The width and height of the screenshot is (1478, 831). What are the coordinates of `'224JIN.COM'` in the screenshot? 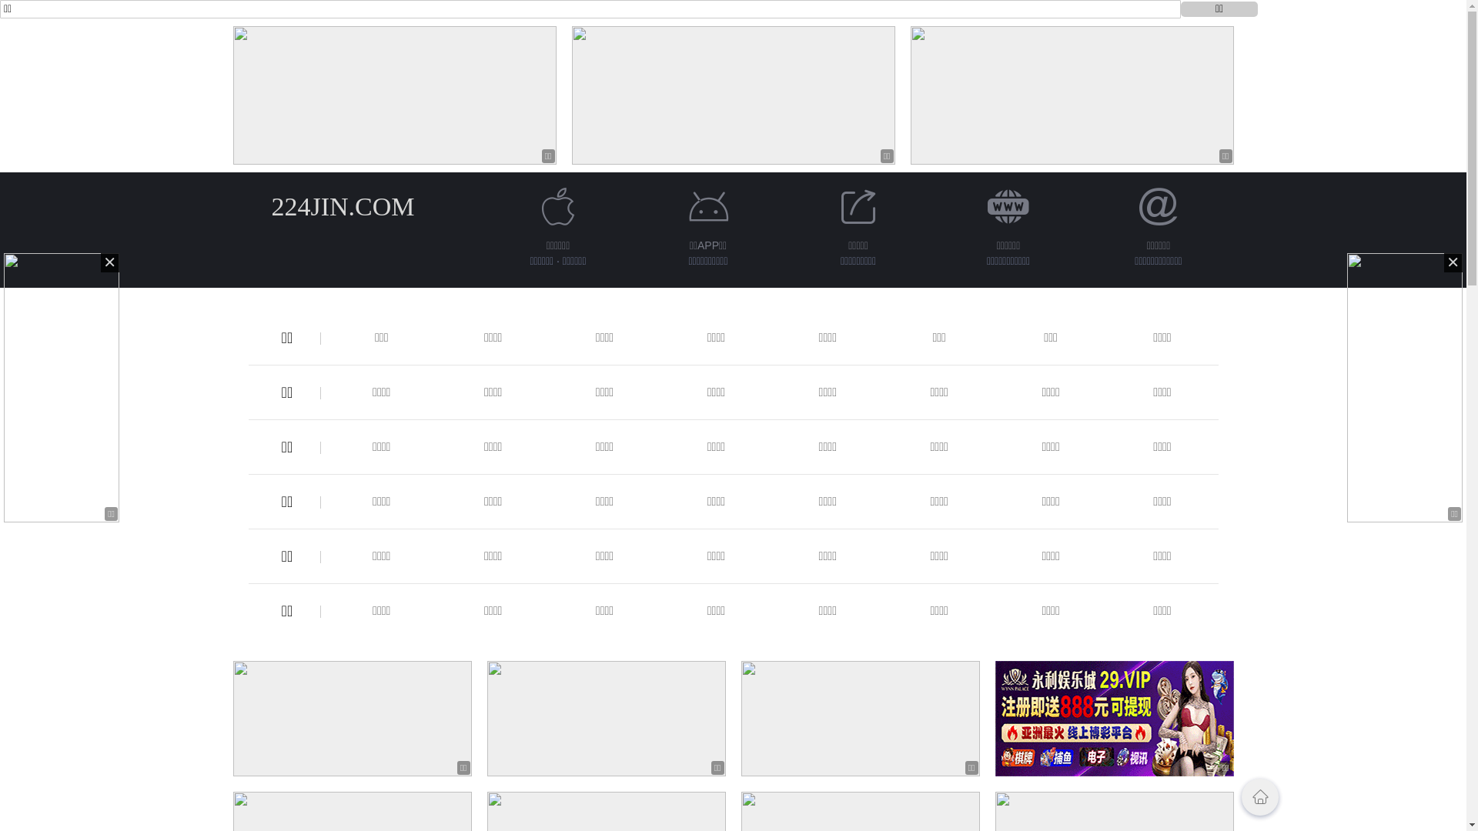 It's located at (342, 205).